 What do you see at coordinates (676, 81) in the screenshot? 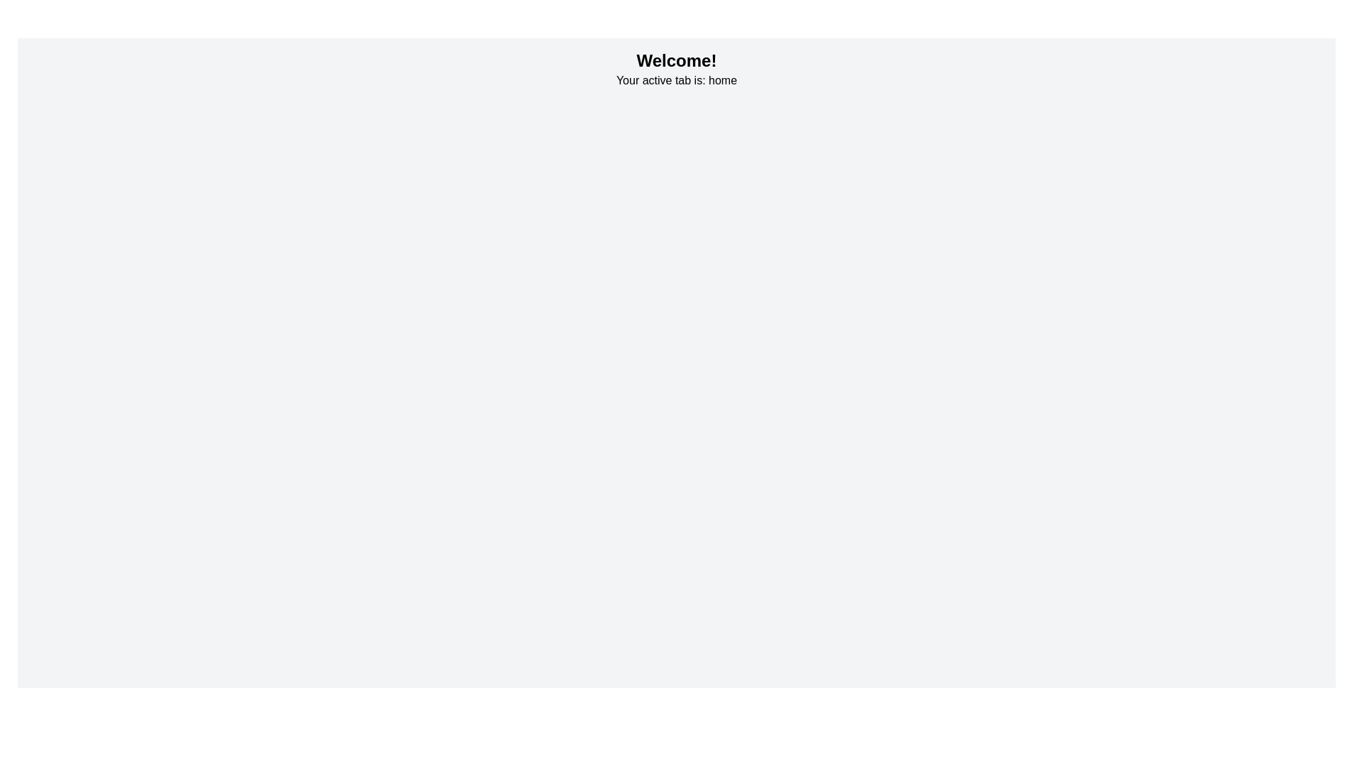
I see `text element displaying the message 'Your active tab is: home', located below the 'Welcome!' message in the top central region of the interface` at bounding box center [676, 81].